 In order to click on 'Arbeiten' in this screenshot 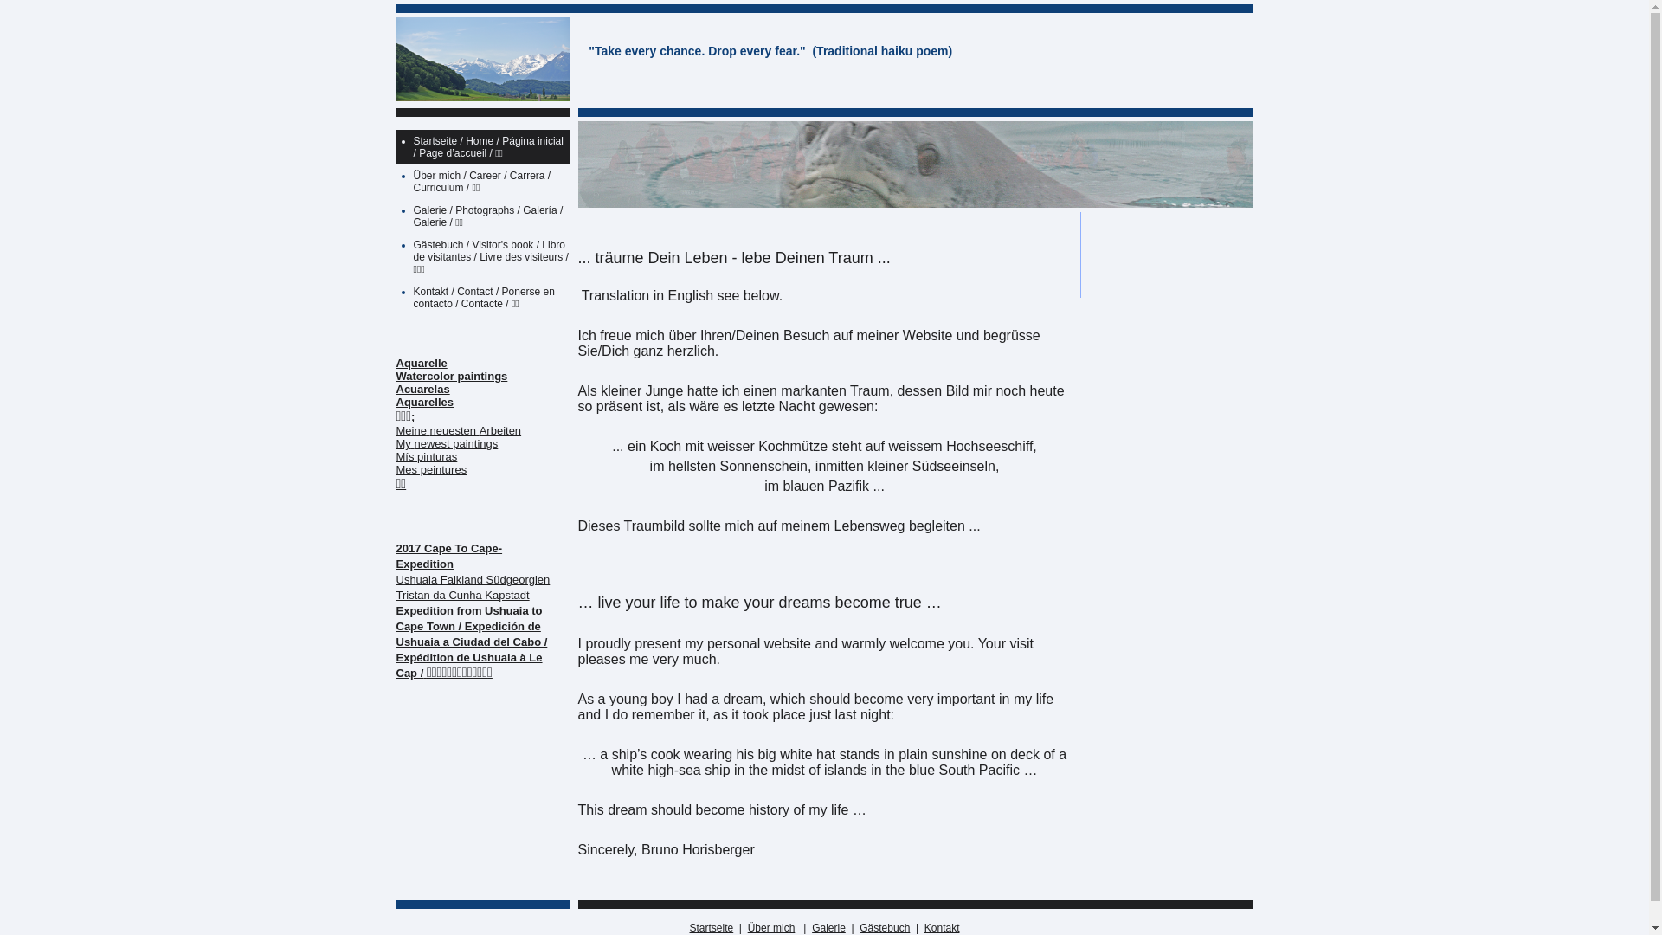, I will do `click(499, 429)`.